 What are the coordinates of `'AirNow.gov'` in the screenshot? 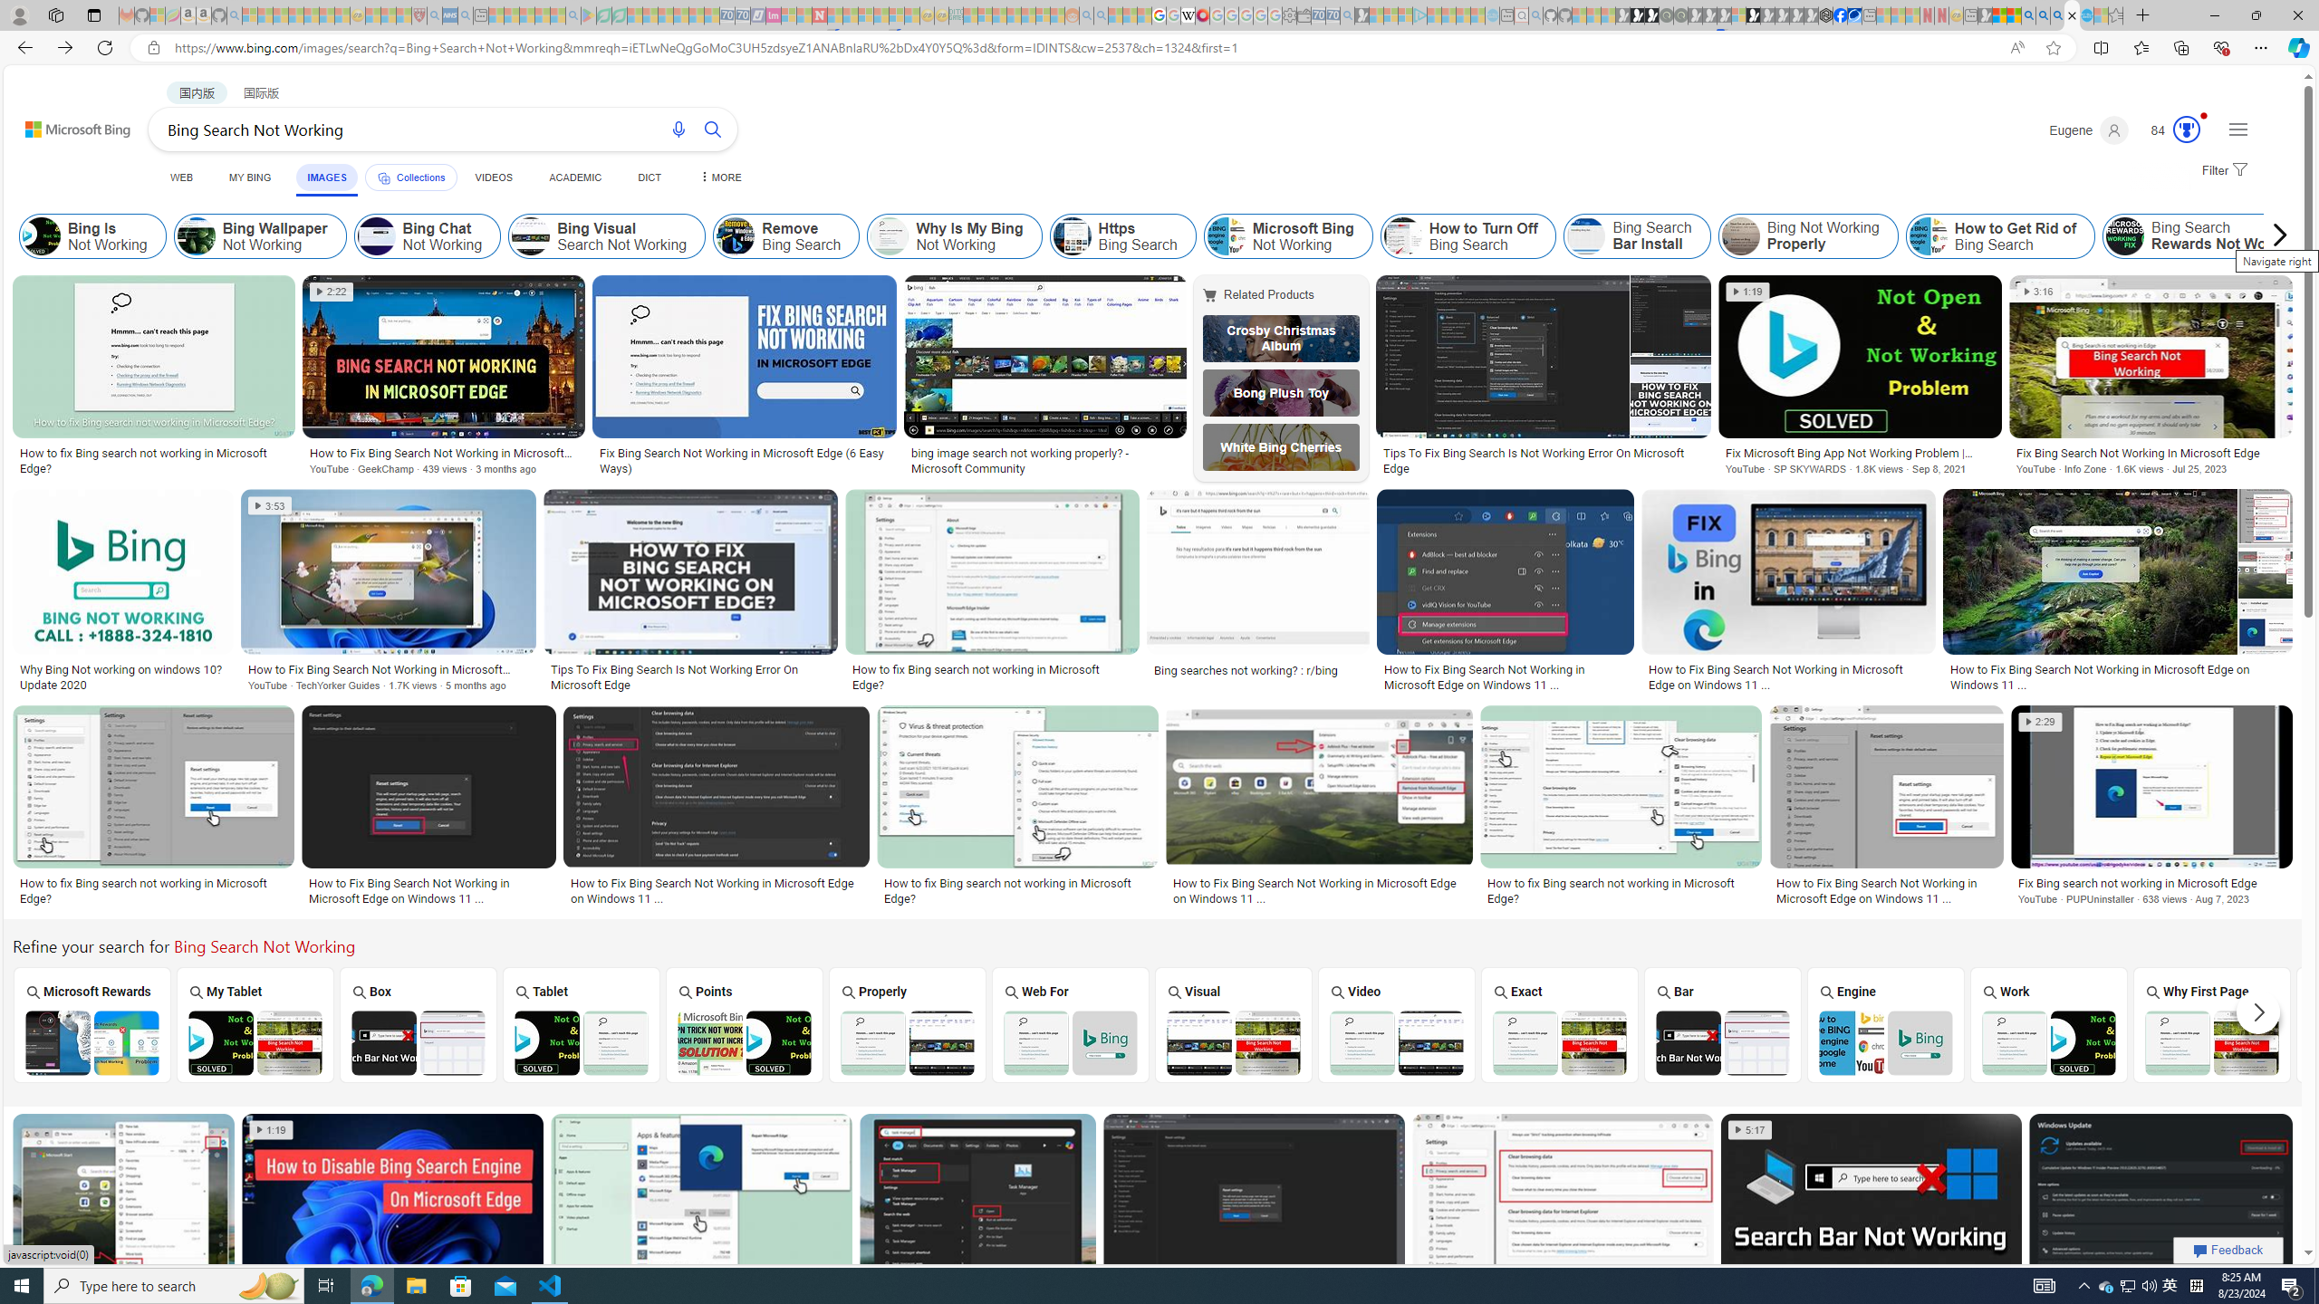 It's located at (1853, 14).